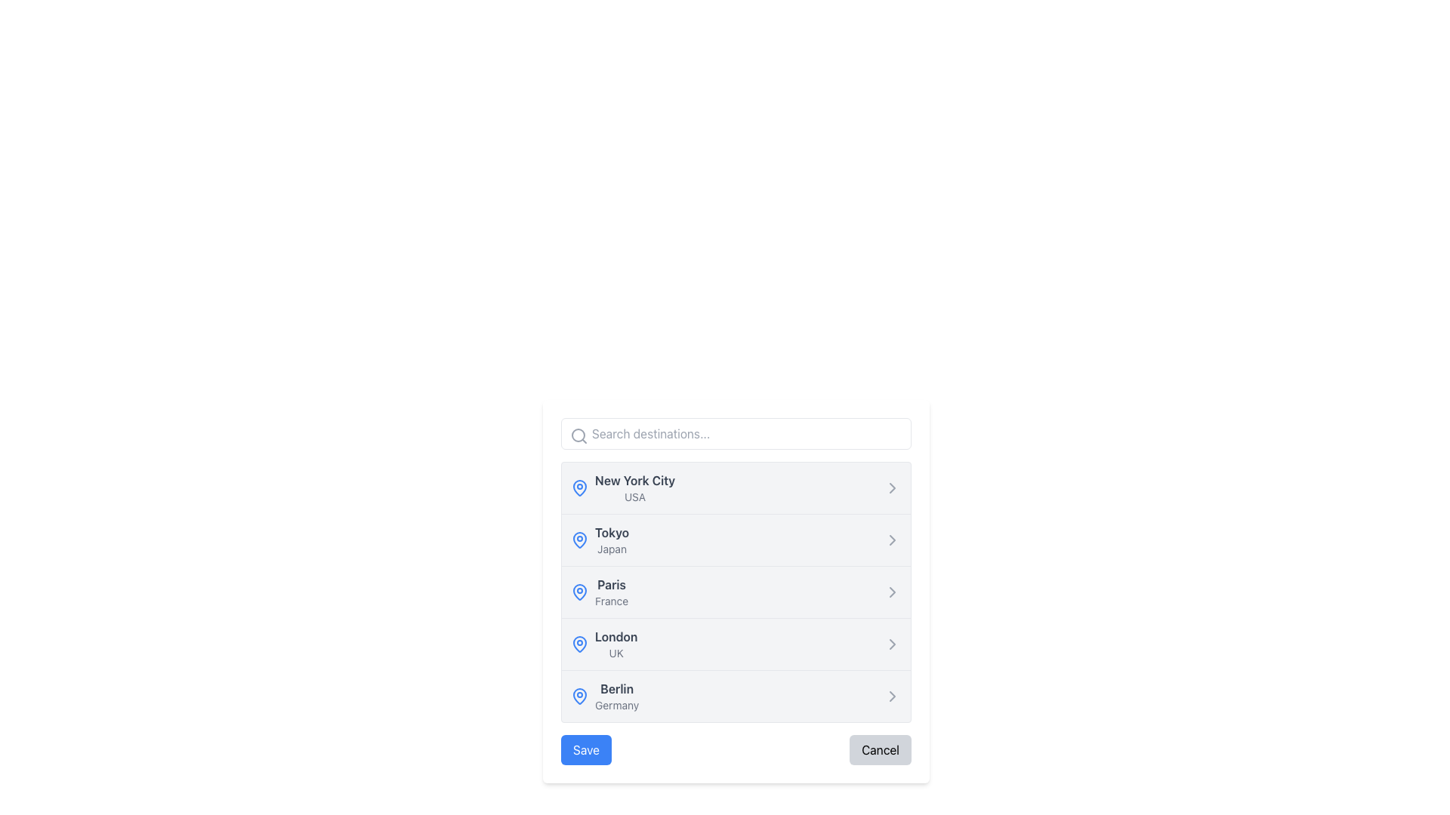 Image resolution: width=1450 pixels, height=815 pixels. Describe the element at coordinates (578, 436) in the screenshot. I see `the magnifying glass icon, which is light gray and positioned at the left edge of the search input field` at that location.